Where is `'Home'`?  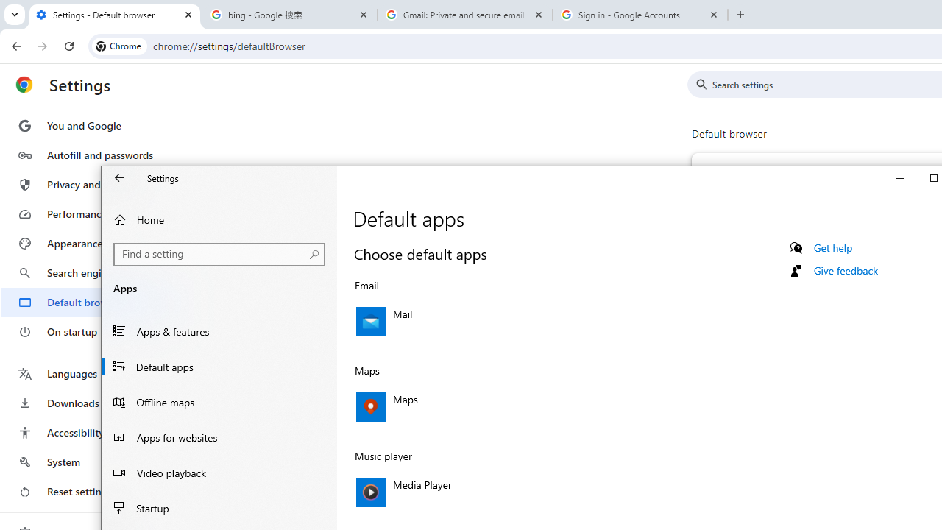 'Home' is located at coordinates (219, 219).